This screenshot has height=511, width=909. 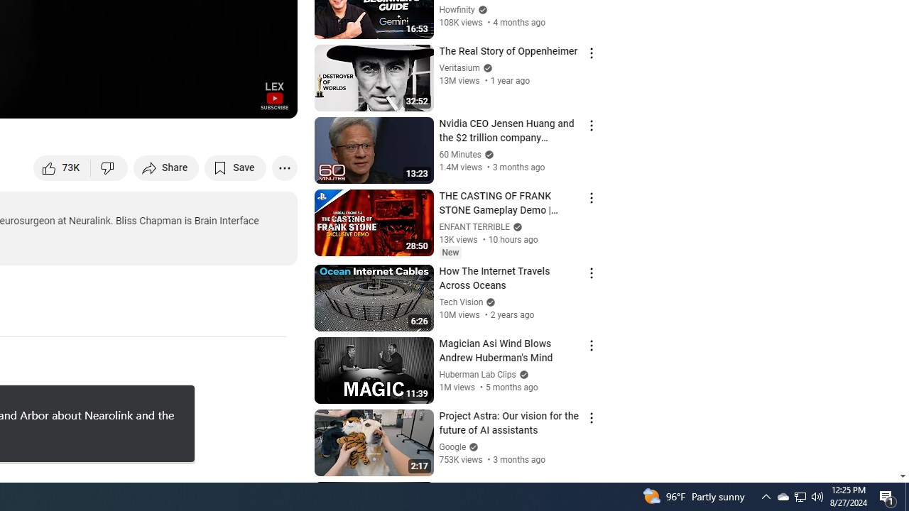 What do you see at coordinates (100, 100) in the screenshot?
I see `'Autoplay is on'` at bounding box center [100, 100].